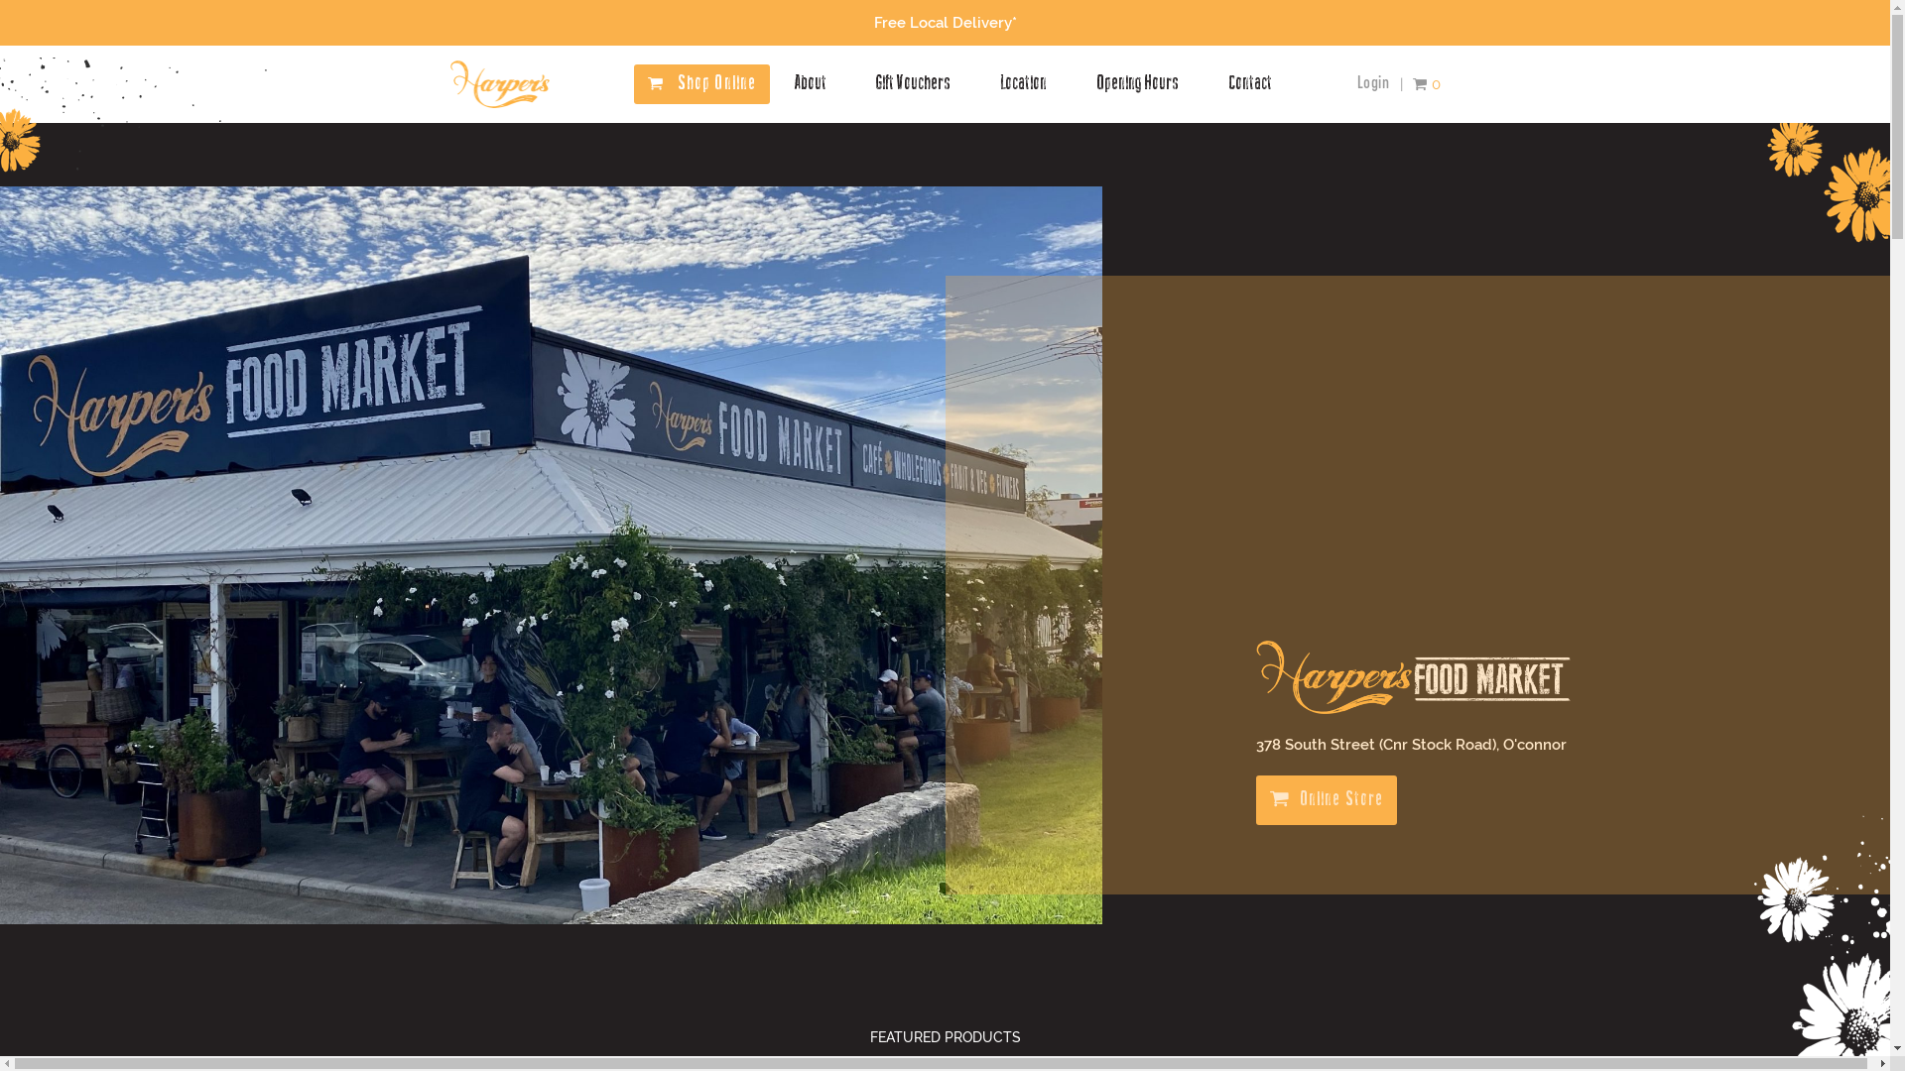 This screenshot has height=1071, width=1905. What do you see at coordinates (1426, 82) in the screenshot?
I see `'0'` at bounding box center [1426, 82].